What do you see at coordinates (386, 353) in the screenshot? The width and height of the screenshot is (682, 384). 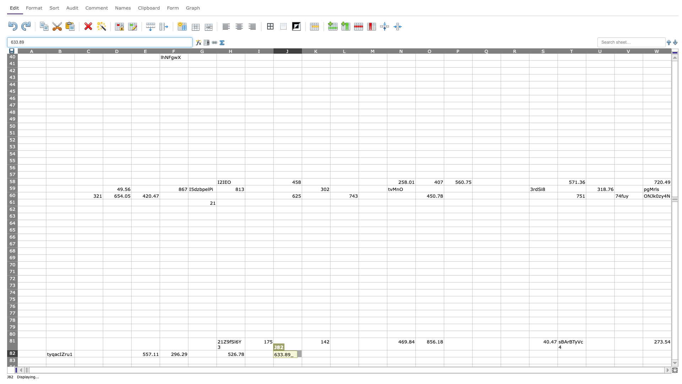 I see `right border of M82` at bounding box center [386, 353].